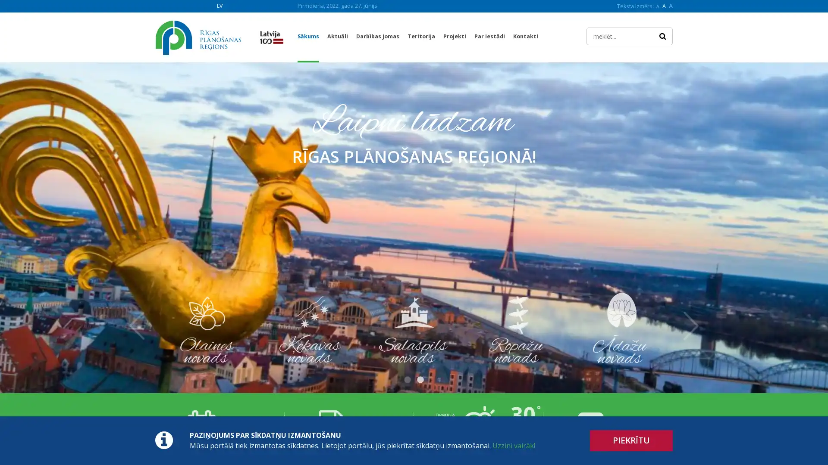  Describe the element at coordinates (631, 440) in the screenshot. I see `PIEKRITU` at that location.